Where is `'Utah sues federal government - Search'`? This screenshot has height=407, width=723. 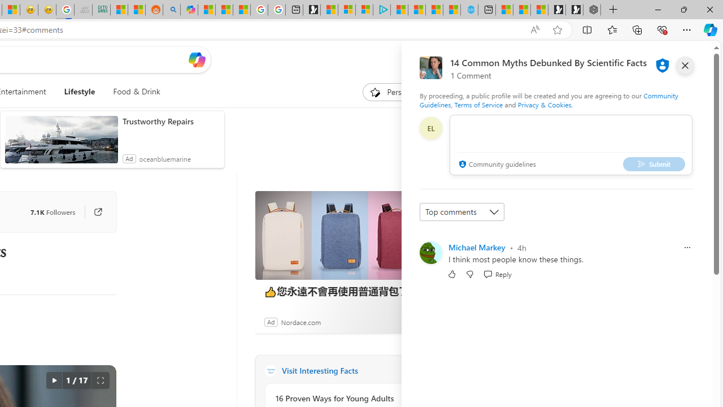
'Utah sues federal government - Search' is located at coordinates (171, 10).